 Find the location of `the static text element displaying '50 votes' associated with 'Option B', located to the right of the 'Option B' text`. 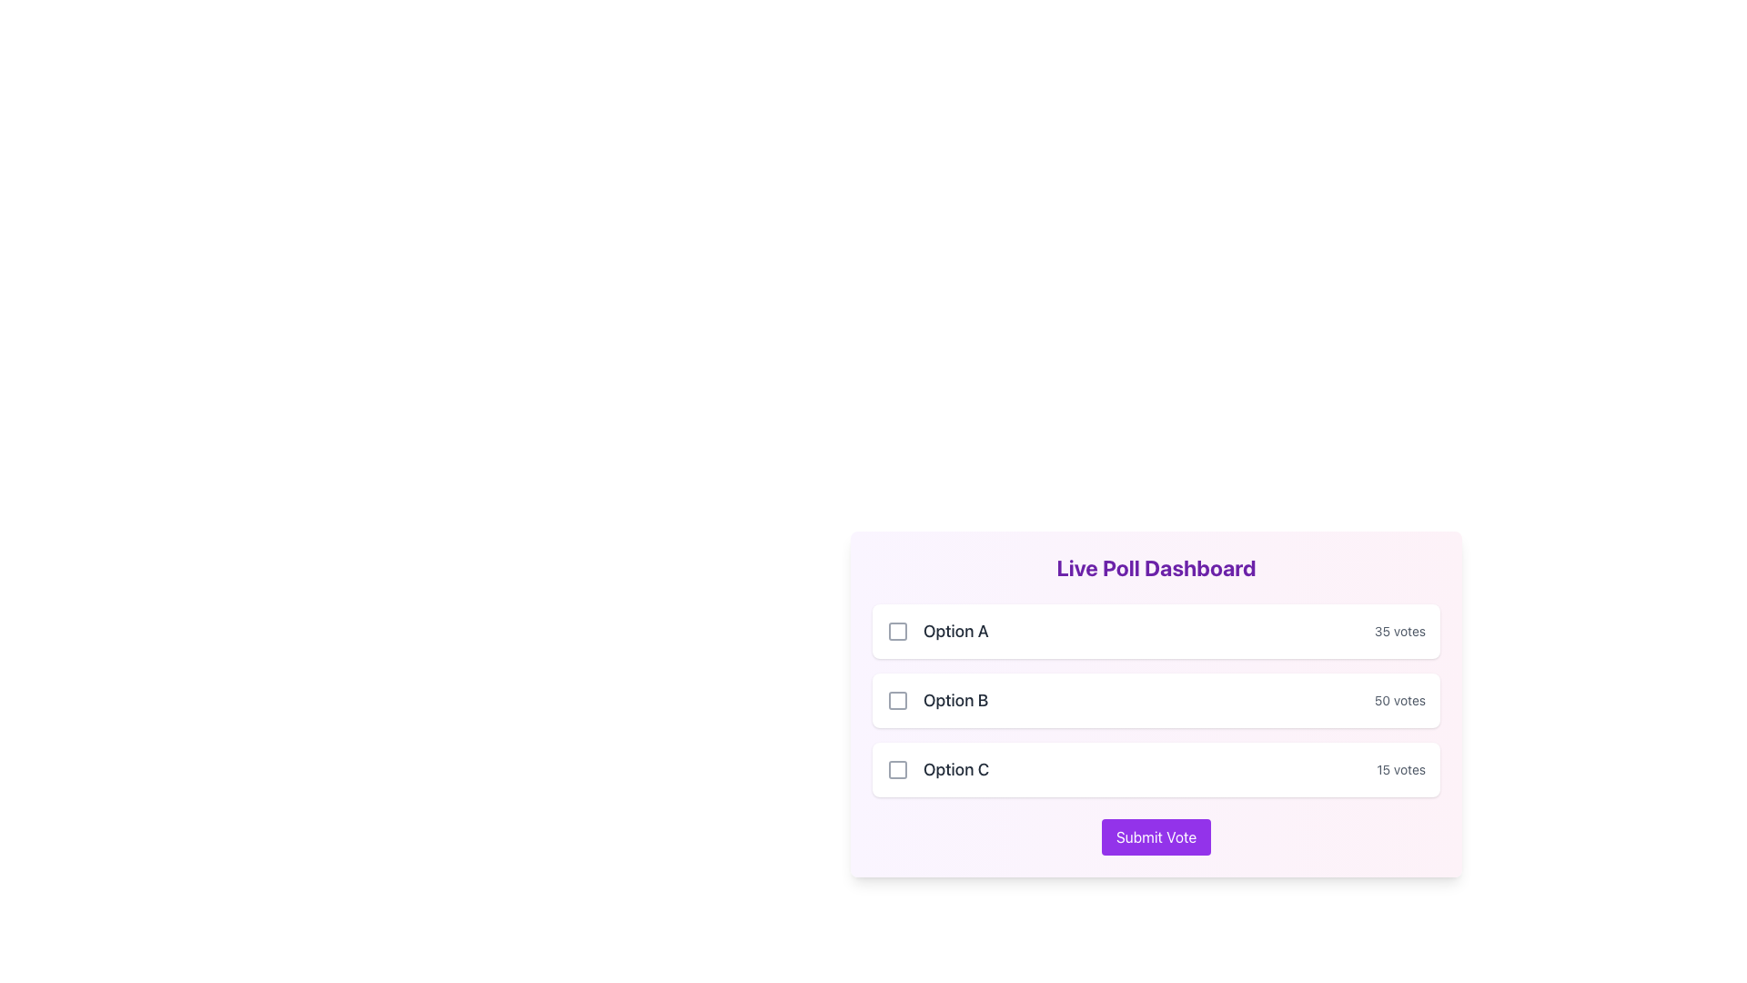

the static text element displaying '50 votes' associated with 'Option B', located to the right of the 'Option B' text is located at coordinates (1399, 700).